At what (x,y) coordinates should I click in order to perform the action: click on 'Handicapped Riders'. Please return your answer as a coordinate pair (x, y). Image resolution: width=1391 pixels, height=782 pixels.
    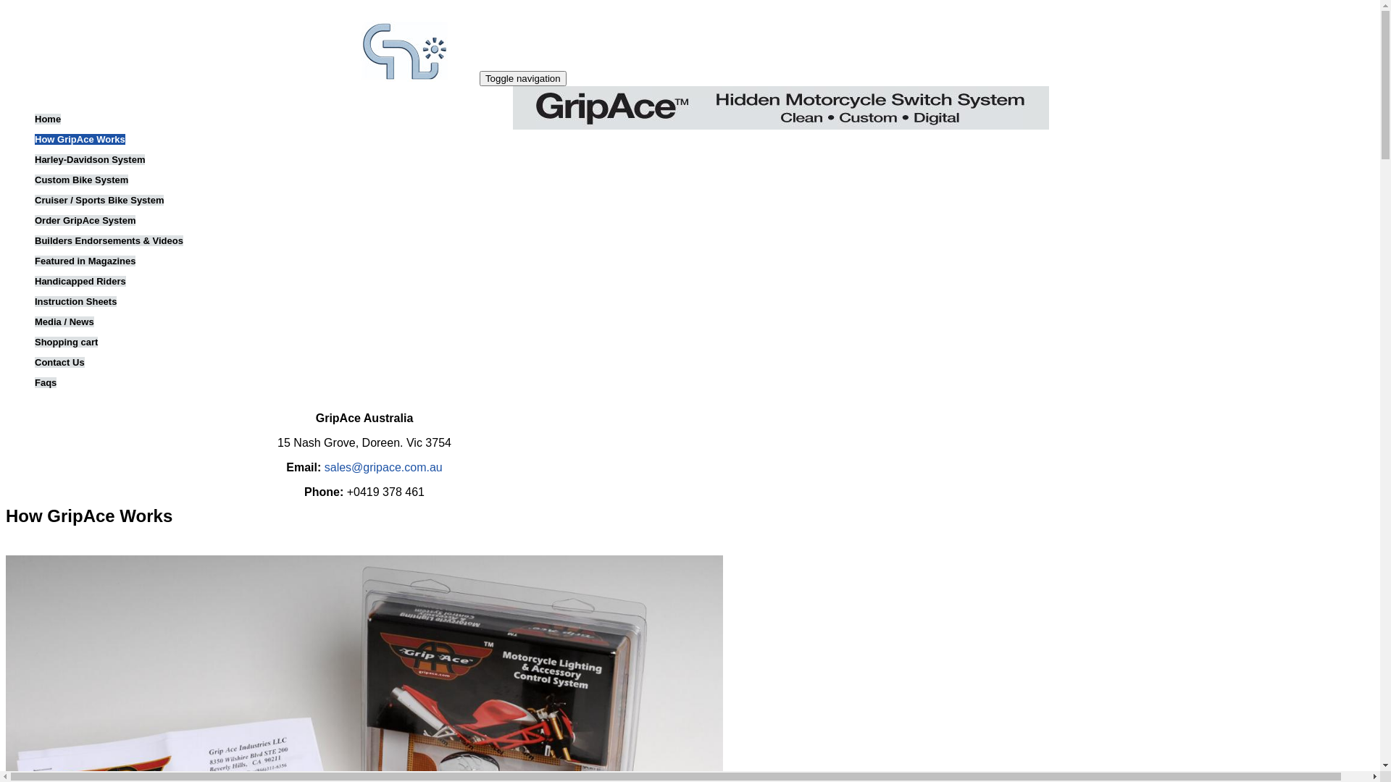
    Looking at the image, I should click on (35, 281).